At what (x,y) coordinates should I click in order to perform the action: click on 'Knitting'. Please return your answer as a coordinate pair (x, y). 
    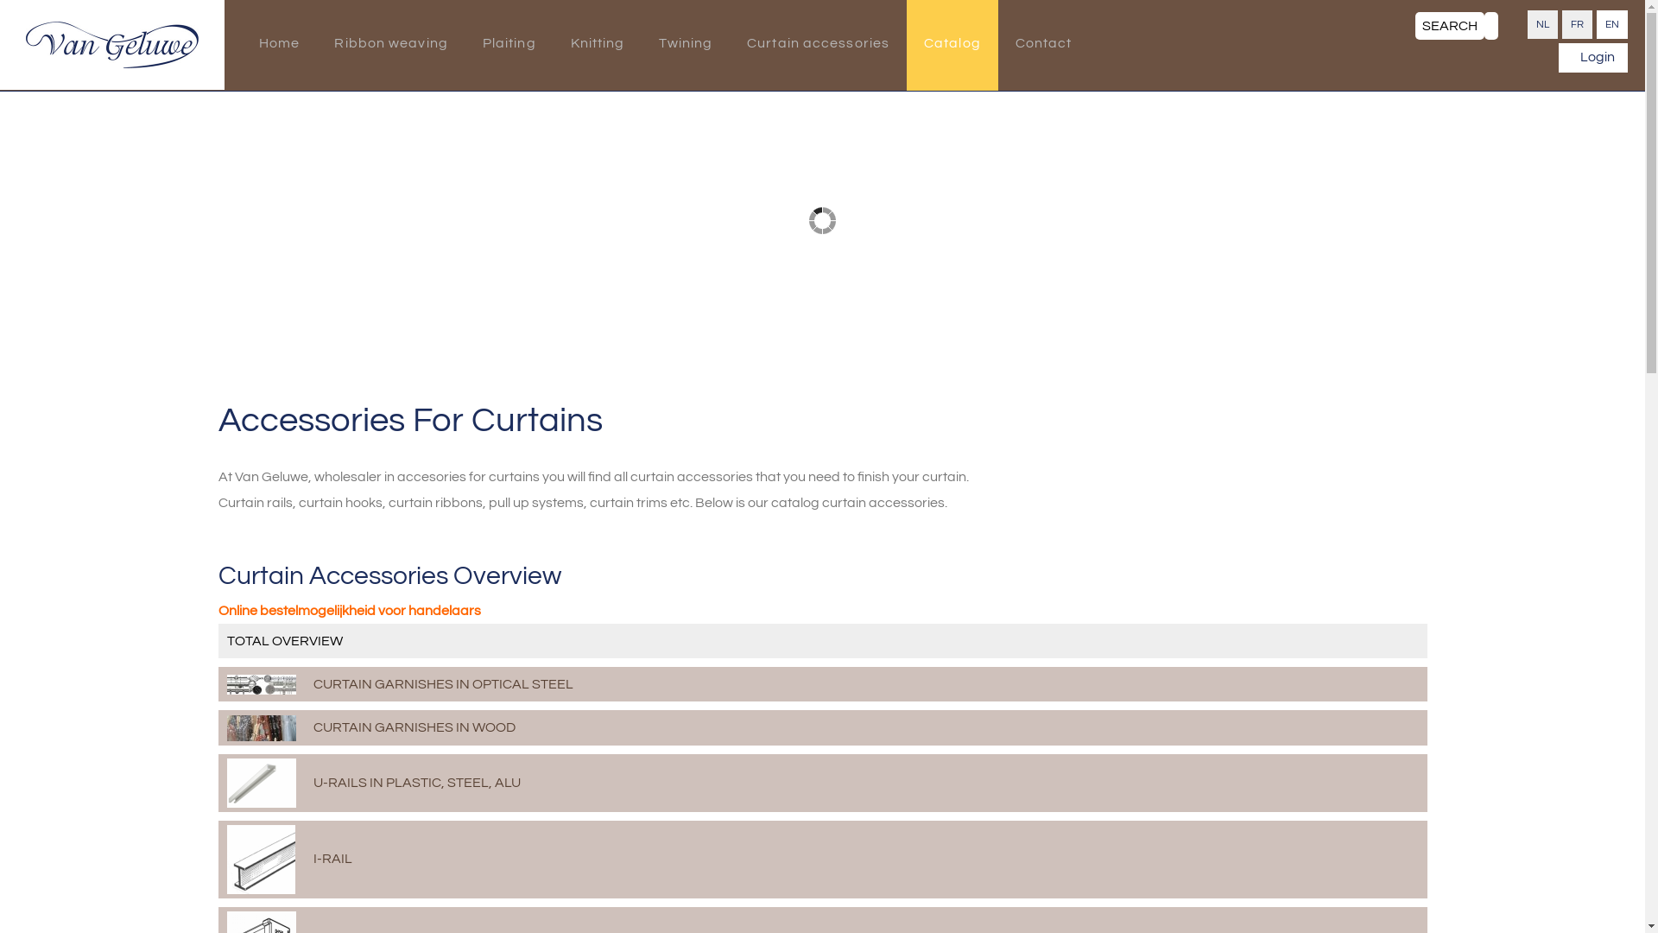
    Looking at the image, I should click on (598, 44).